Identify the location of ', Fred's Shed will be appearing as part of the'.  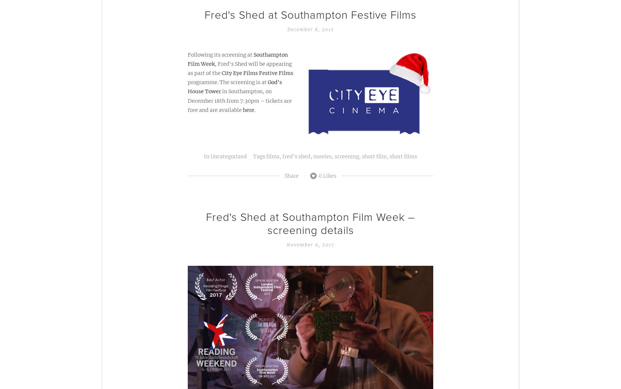
(240, 68).